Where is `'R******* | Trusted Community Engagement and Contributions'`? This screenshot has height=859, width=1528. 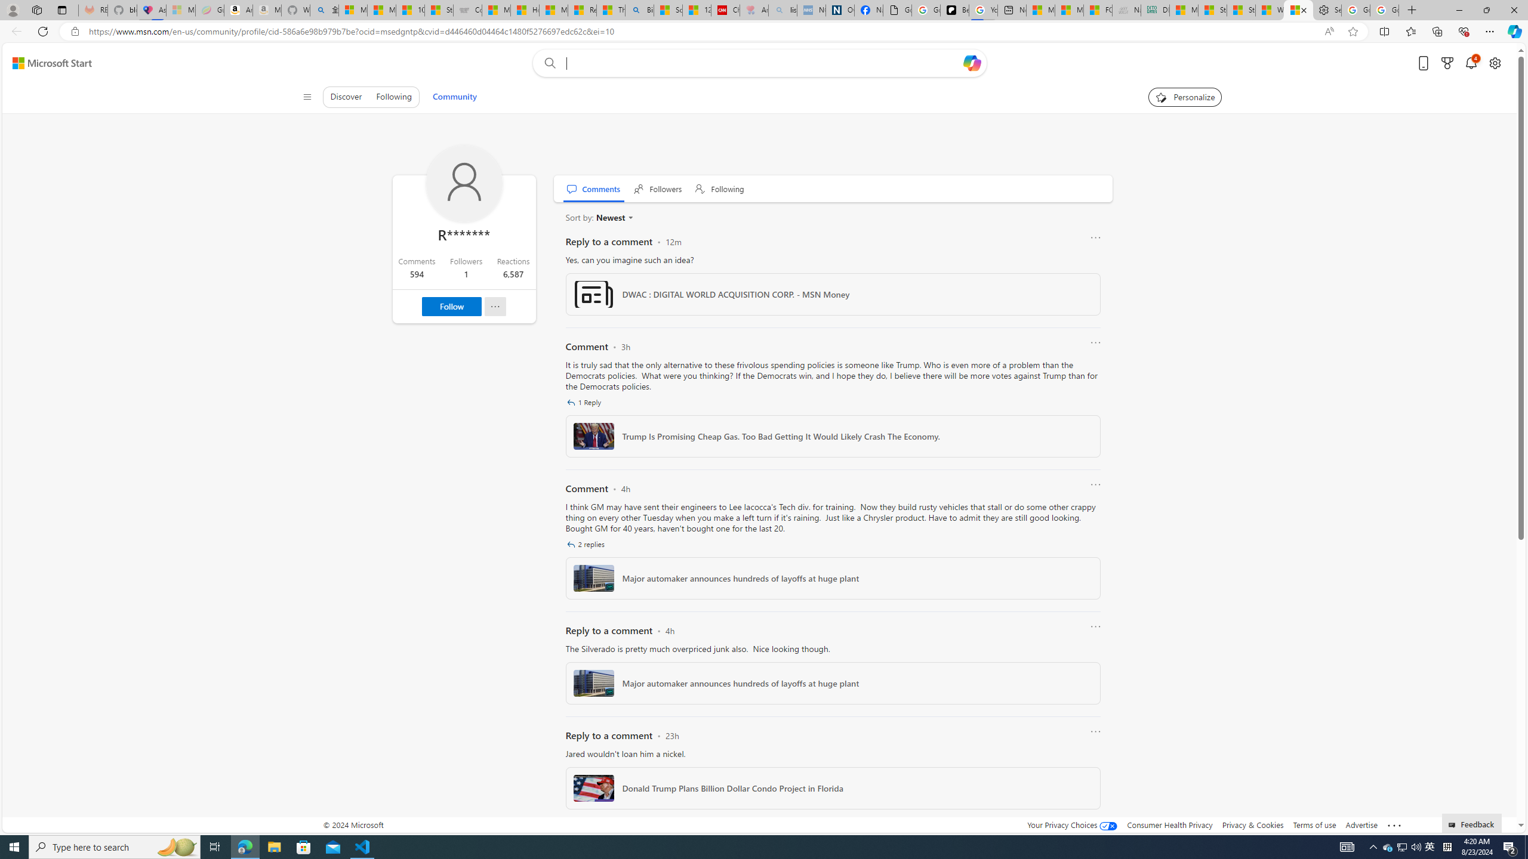
'R******* | Trusted Community Engagement and Contributions' is located at coordinates (1297, 10).